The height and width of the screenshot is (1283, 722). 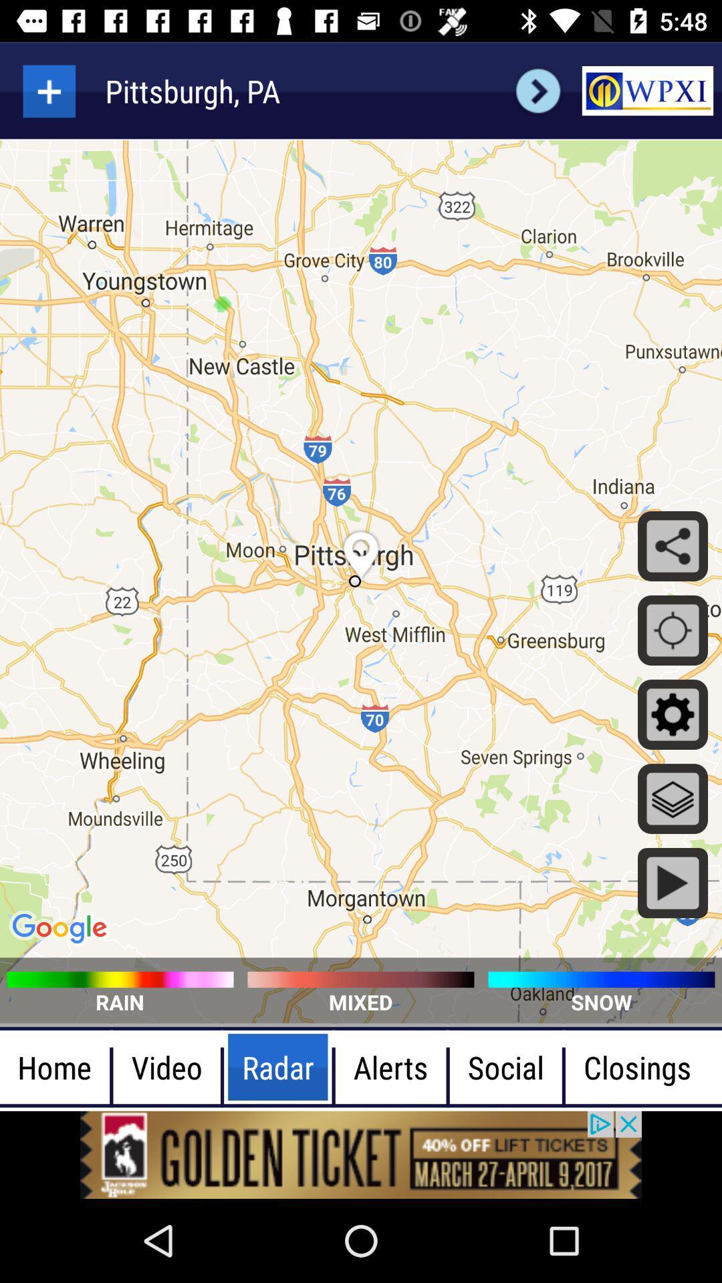 I want to click on press for next location, so click(x=537, y=90).